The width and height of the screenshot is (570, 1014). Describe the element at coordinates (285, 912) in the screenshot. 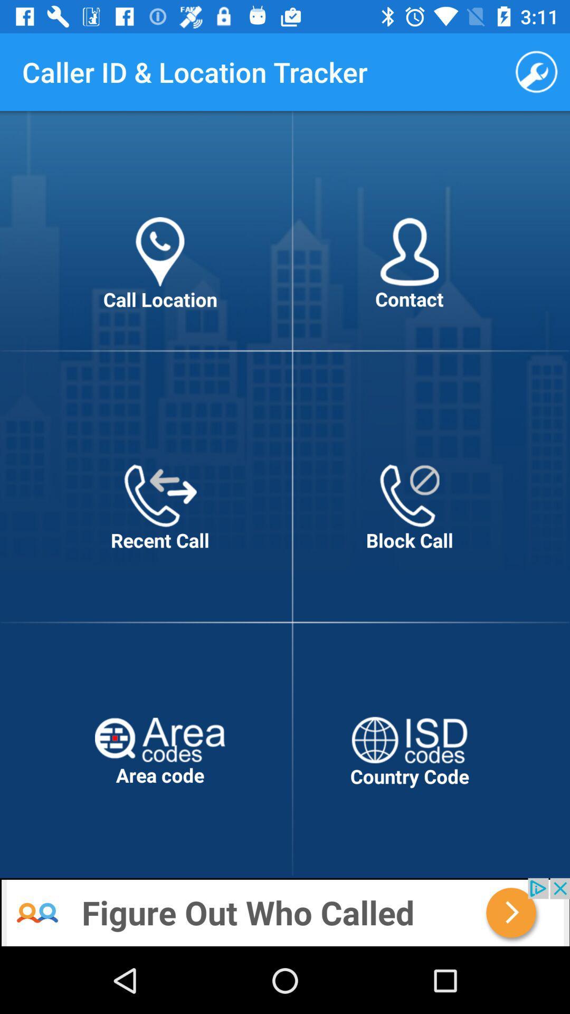

I see `app advertisement` at that location.